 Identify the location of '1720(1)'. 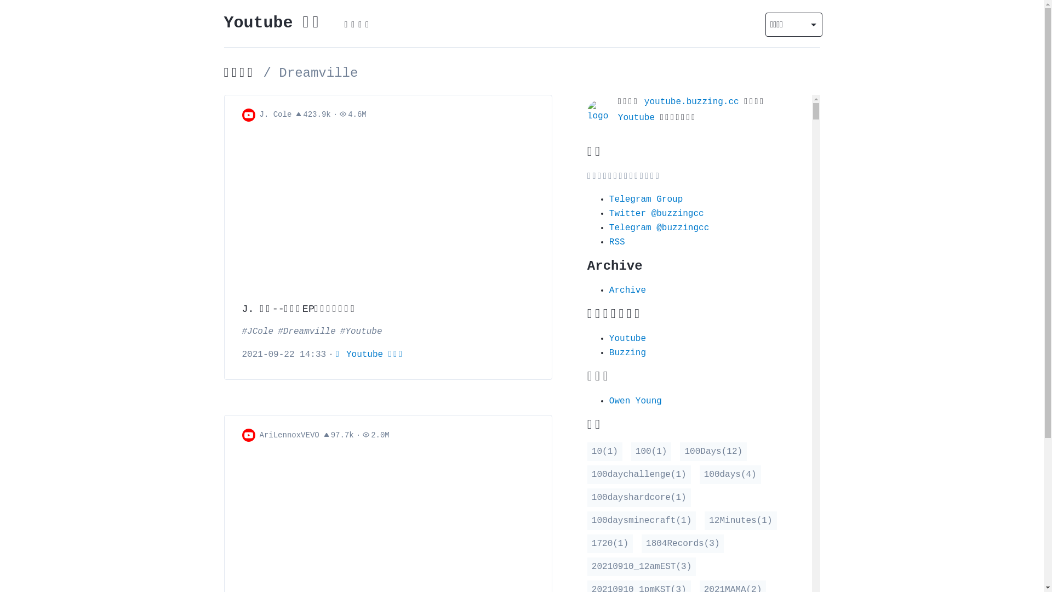
(609, 543).